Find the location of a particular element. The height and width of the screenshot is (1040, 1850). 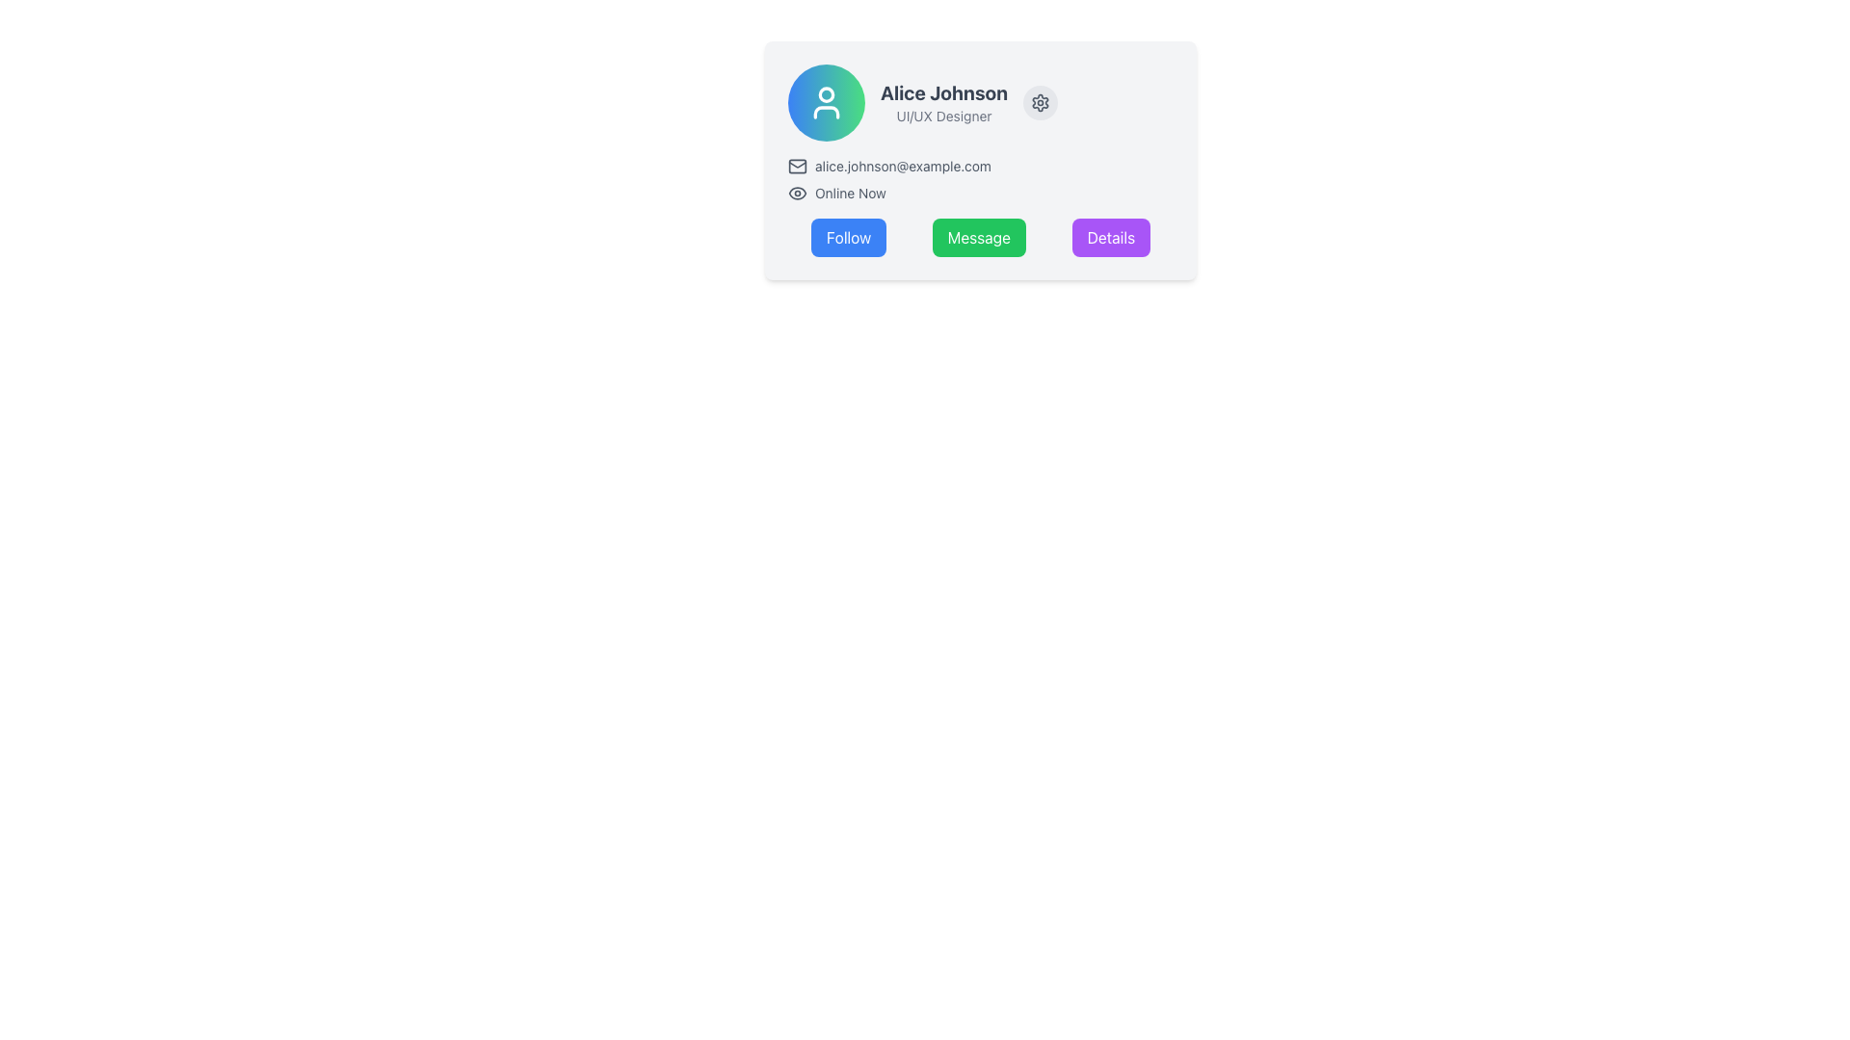

or click the settings gear icon located to the right of the profile information display component for 'Alice Johnson', which features a bold name and a job title beneath it is located at coordinates (980, 103).